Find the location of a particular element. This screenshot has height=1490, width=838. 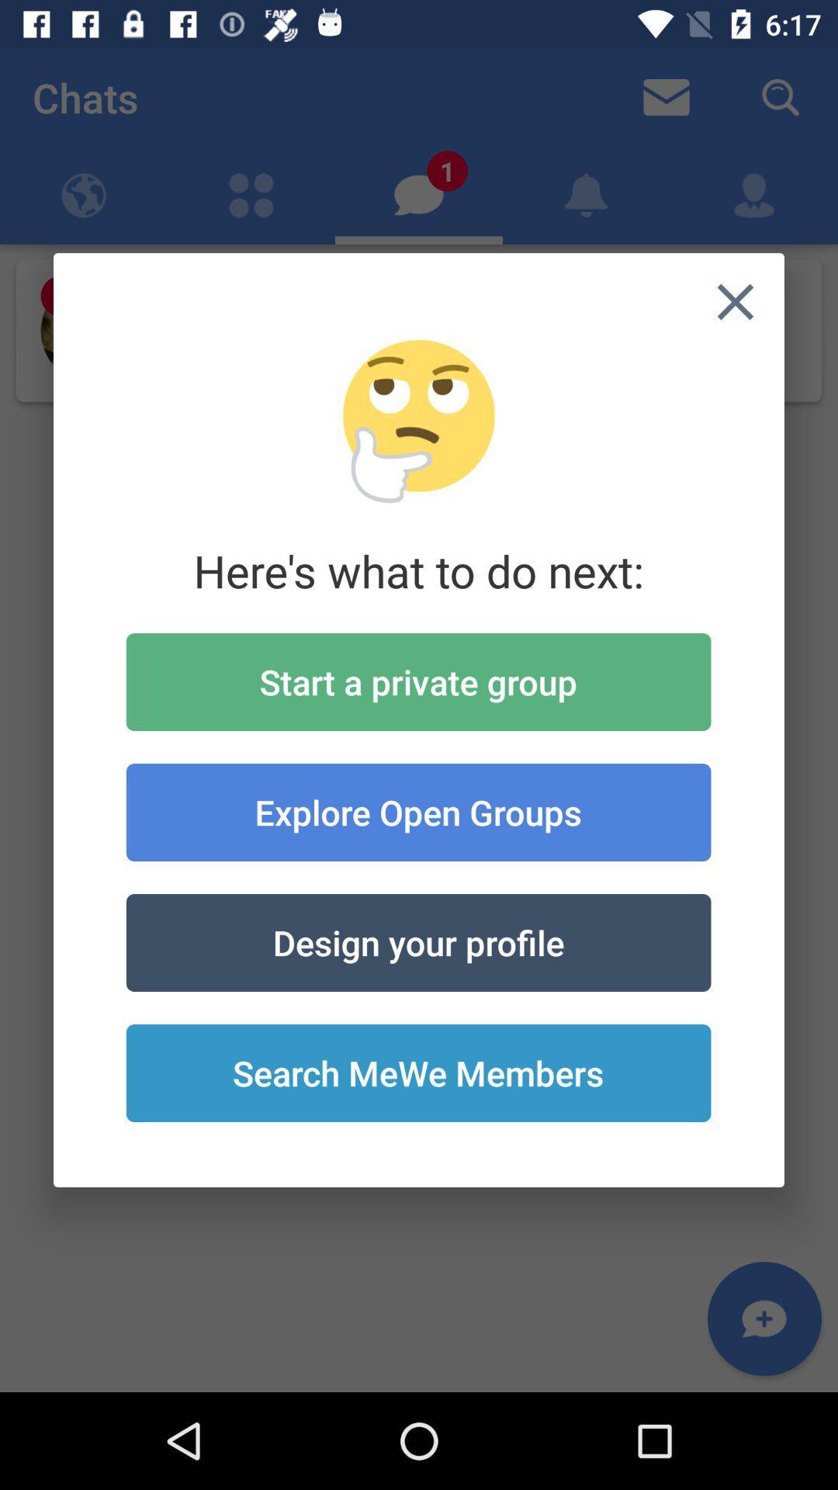

icon below start a private is located at coordinates (417, 811).